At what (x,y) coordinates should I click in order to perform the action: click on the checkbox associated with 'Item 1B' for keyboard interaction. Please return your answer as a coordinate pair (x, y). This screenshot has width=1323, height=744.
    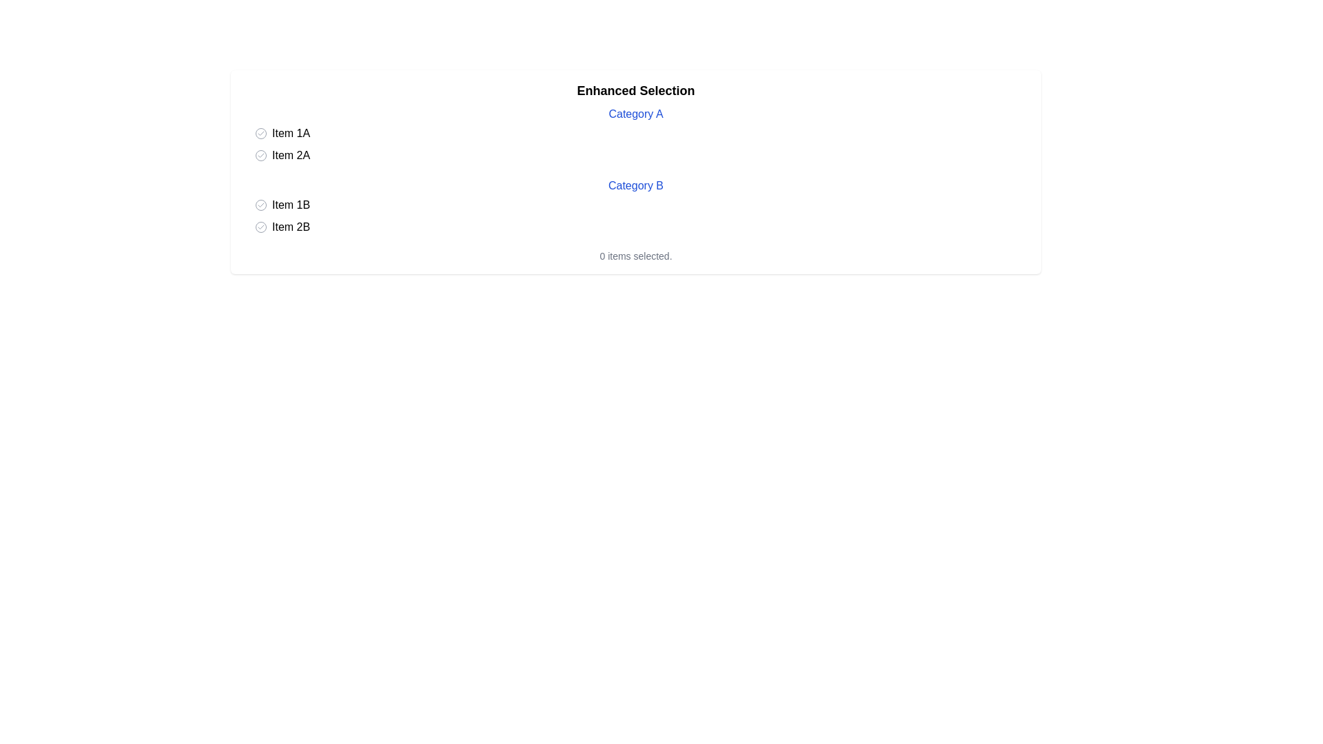
    Looking at the image, I should click on (261, 205).